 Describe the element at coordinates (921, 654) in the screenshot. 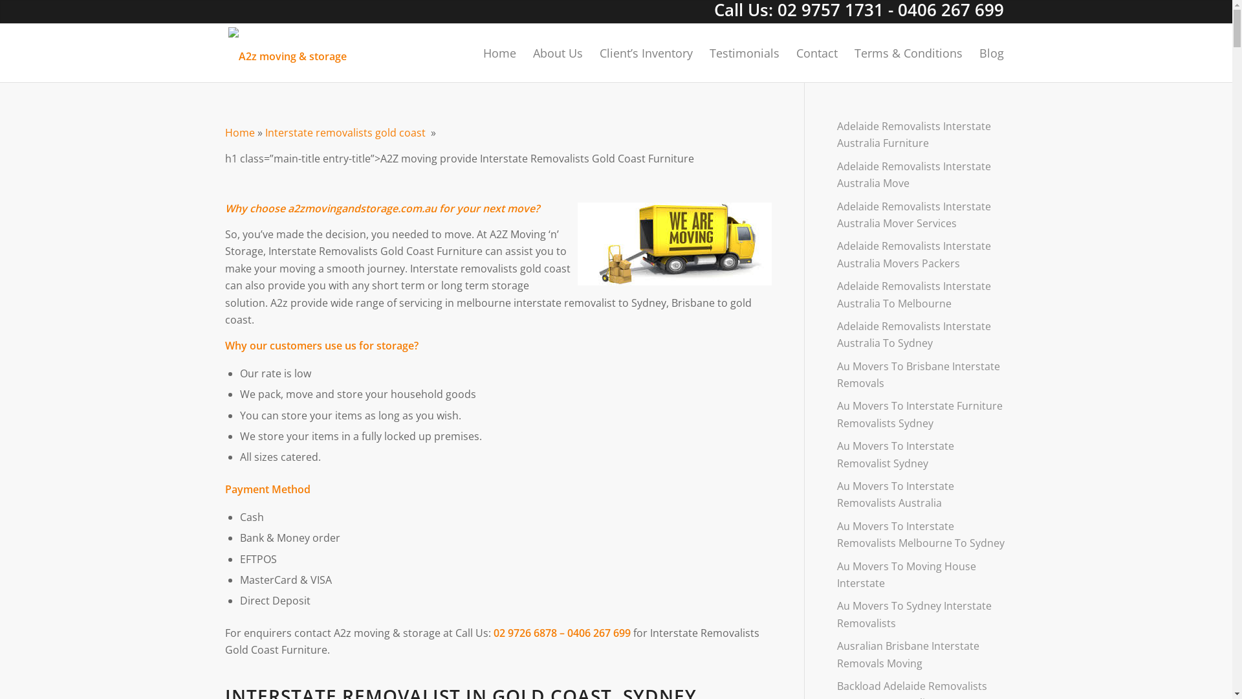

I see `'Ausralian Brisbane Interstate Removals Moving'` at that location.